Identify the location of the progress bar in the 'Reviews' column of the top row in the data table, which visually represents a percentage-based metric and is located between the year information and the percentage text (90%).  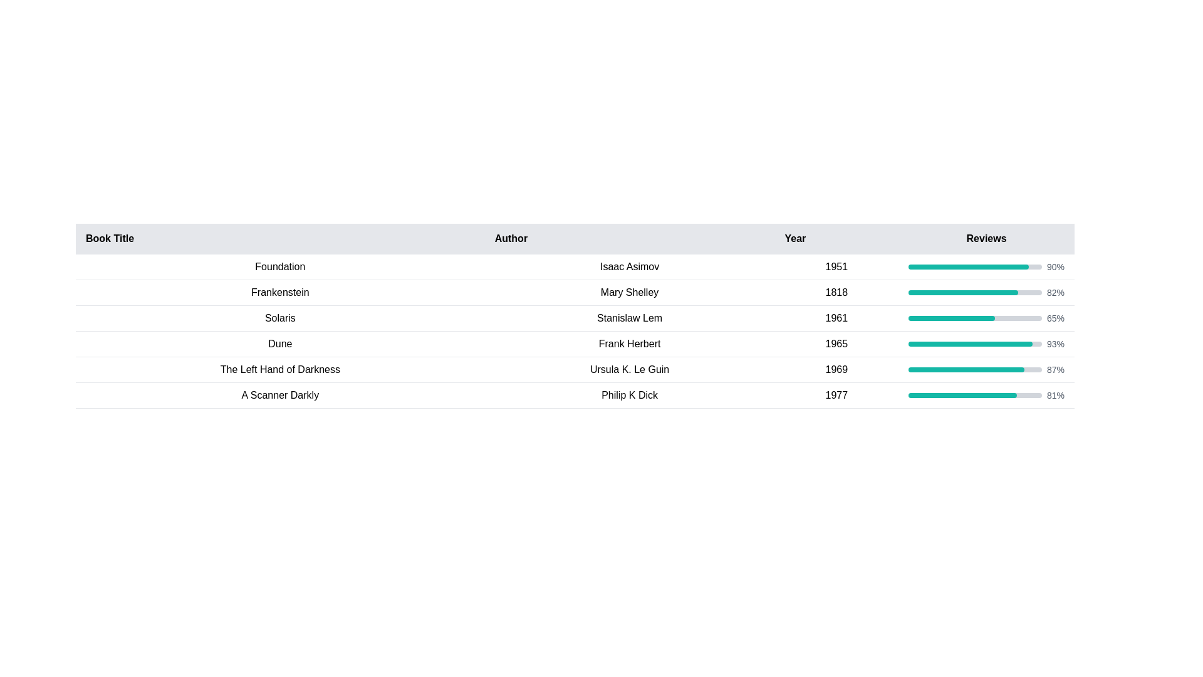
(974, 266).